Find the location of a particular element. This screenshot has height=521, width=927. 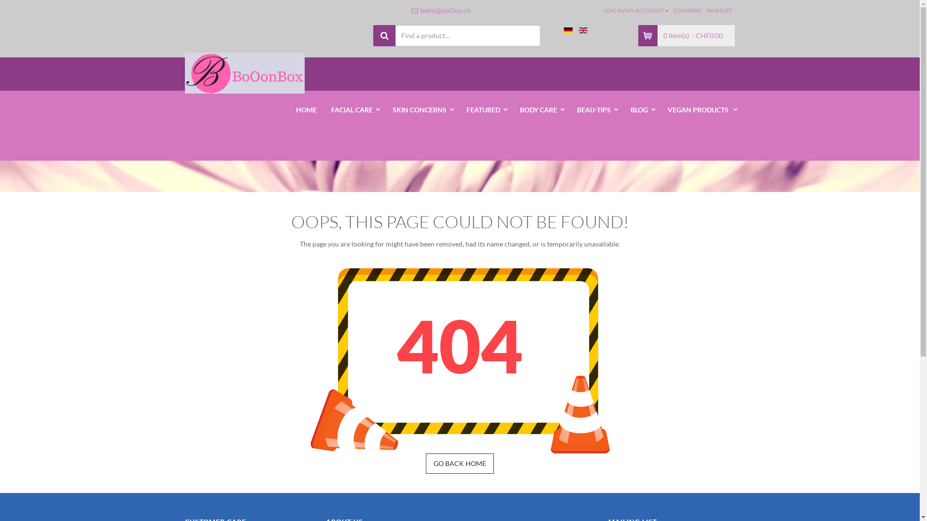

'VEGAN PRODUCTS' is located at coordinates (702, 109).